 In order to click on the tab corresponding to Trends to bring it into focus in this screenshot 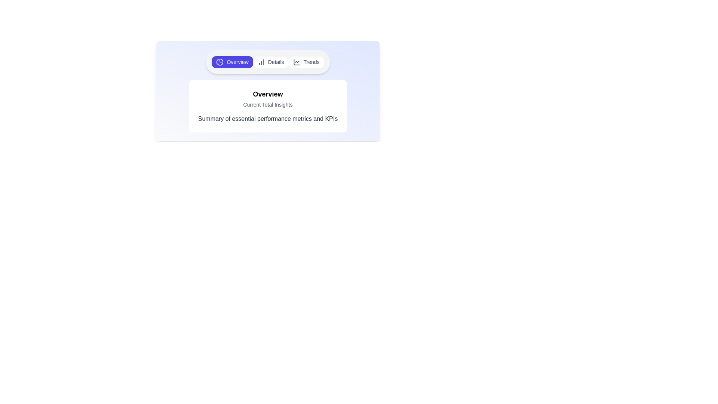, I will do `click(306, 61)`.